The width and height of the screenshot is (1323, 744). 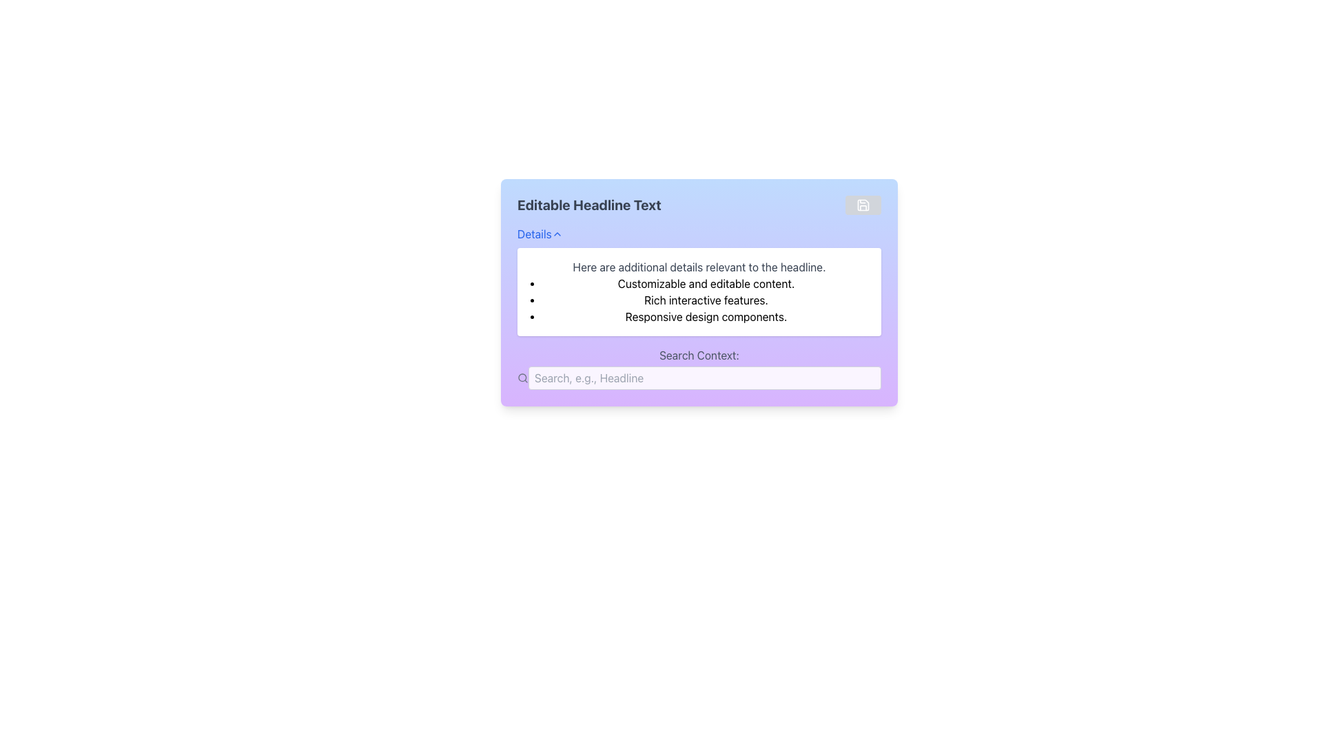 I want to click on the search icon located to the far left of the 'Search Context' input field, which indicates the search feature, so click(x=522, y=378).